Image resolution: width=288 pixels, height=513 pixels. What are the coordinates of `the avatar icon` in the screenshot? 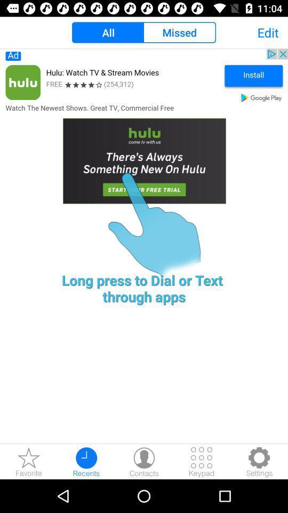 It's located at (144, 461).